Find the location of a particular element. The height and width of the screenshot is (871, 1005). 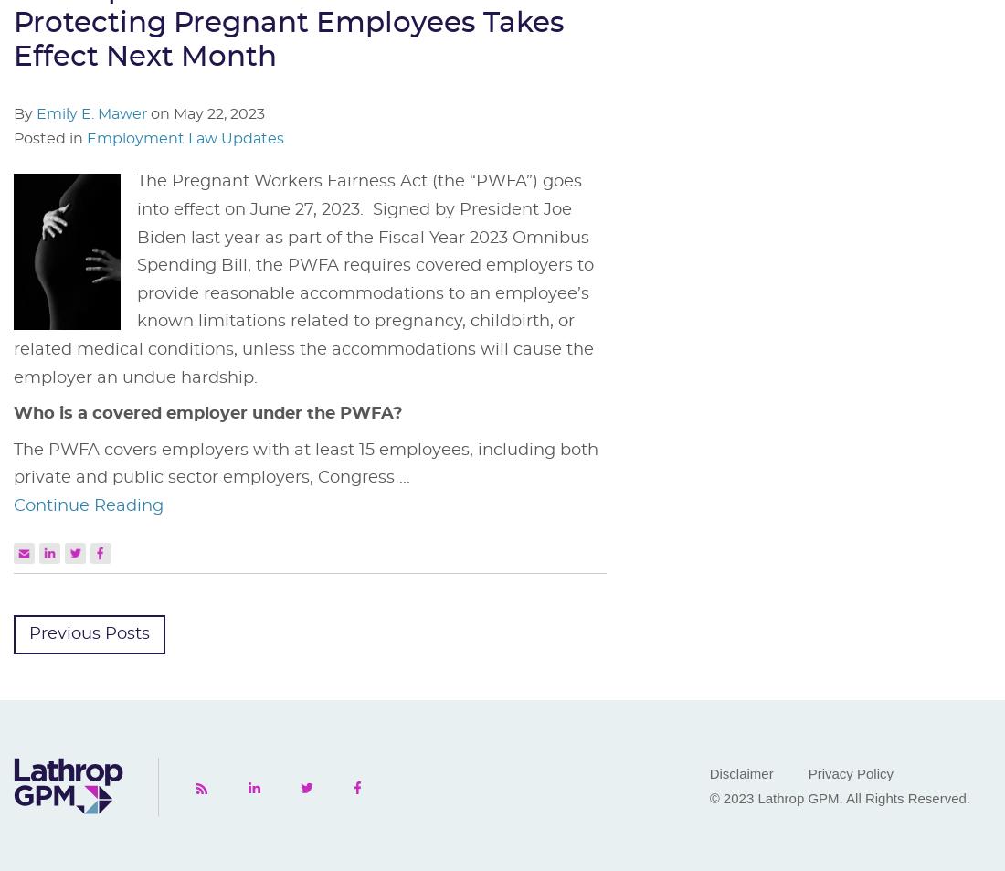

'© 2023 Lathrop GPM. All Rights Reserved.' is located at coordinates (840, 797).